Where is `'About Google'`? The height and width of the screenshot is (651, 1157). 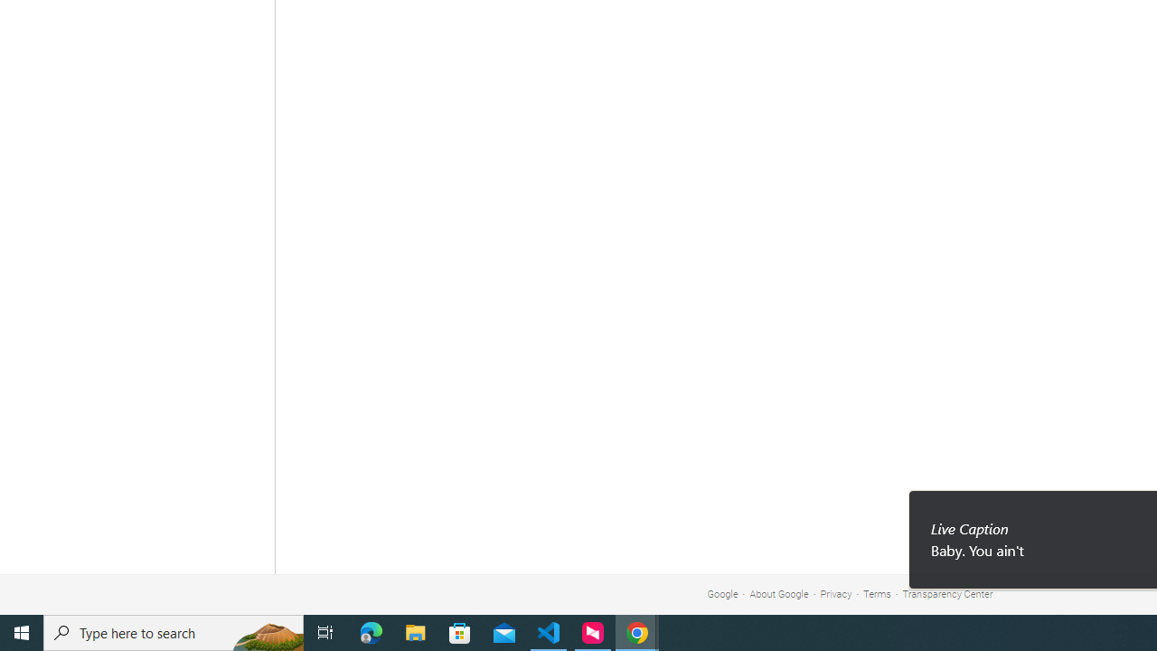 'About Google' is located at coordinates (779, 594).